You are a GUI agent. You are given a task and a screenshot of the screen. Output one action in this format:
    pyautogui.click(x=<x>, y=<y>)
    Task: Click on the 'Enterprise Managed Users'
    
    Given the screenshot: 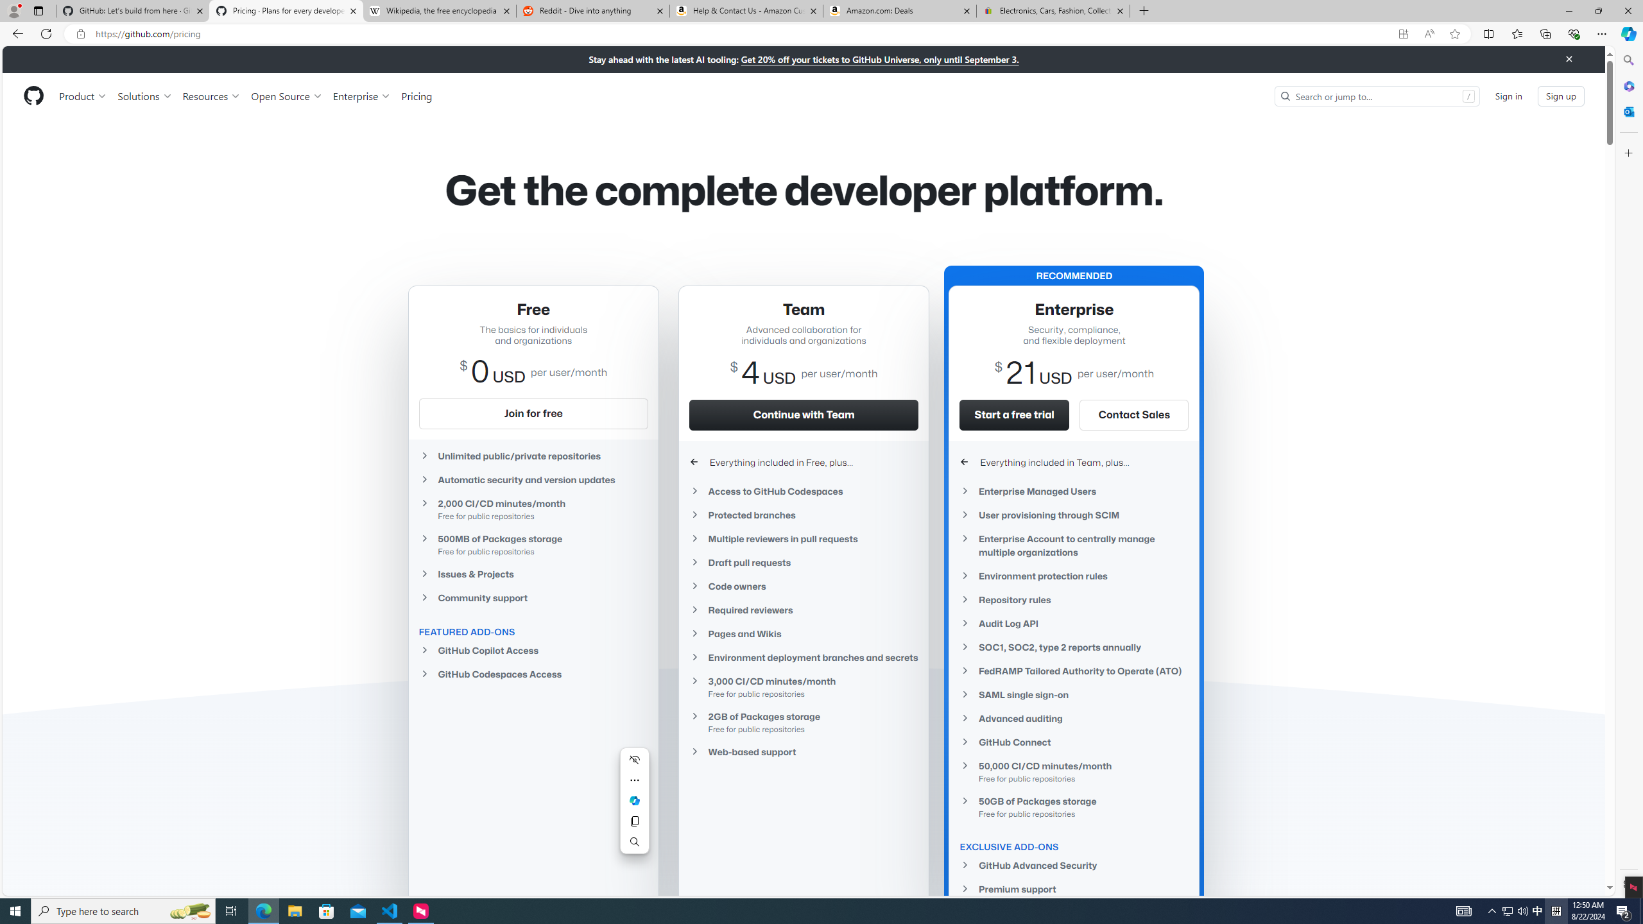 What is the action you would take?
    pyautogui.click(x=1074, y=491)
    